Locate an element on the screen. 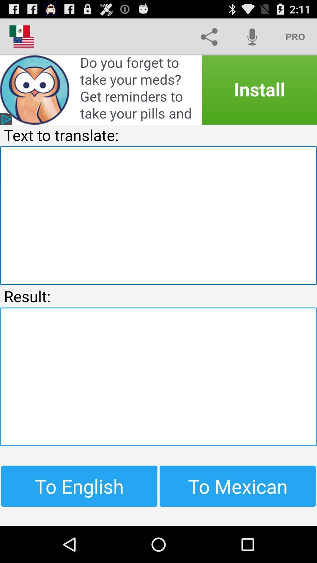 The height and width of the screenshot is (563, 317). button at the bottom left corner is located at coordinates (79, 486).